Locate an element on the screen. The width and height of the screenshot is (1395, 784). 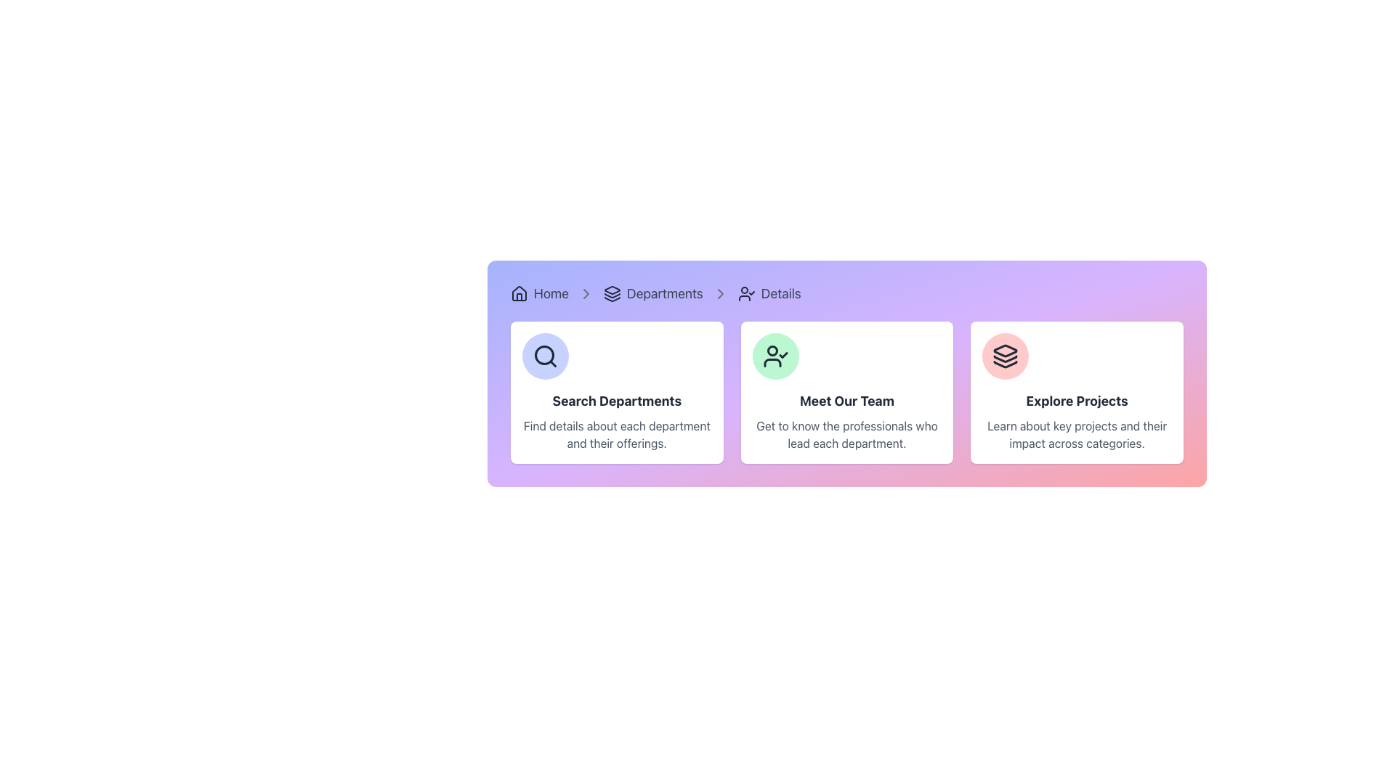
the rightward-pointing chevron icon with a gray outline in the breadcrumb navigation, positioned between 'Home' and 'Departments' is located at coordinates (586, 294).